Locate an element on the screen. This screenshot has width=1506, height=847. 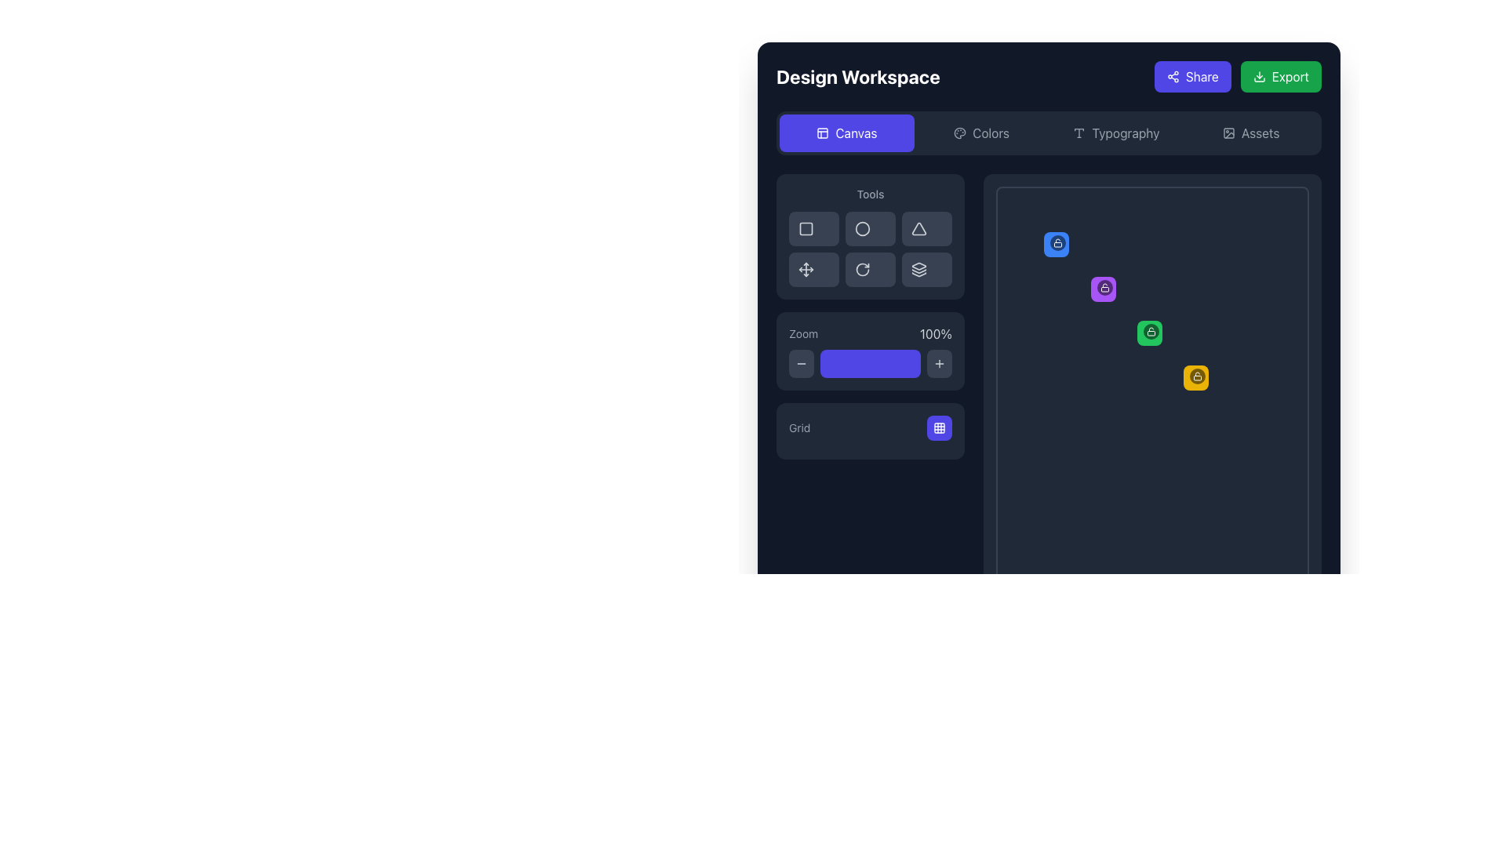
the triangular icon is located at coordinates (919, 229).